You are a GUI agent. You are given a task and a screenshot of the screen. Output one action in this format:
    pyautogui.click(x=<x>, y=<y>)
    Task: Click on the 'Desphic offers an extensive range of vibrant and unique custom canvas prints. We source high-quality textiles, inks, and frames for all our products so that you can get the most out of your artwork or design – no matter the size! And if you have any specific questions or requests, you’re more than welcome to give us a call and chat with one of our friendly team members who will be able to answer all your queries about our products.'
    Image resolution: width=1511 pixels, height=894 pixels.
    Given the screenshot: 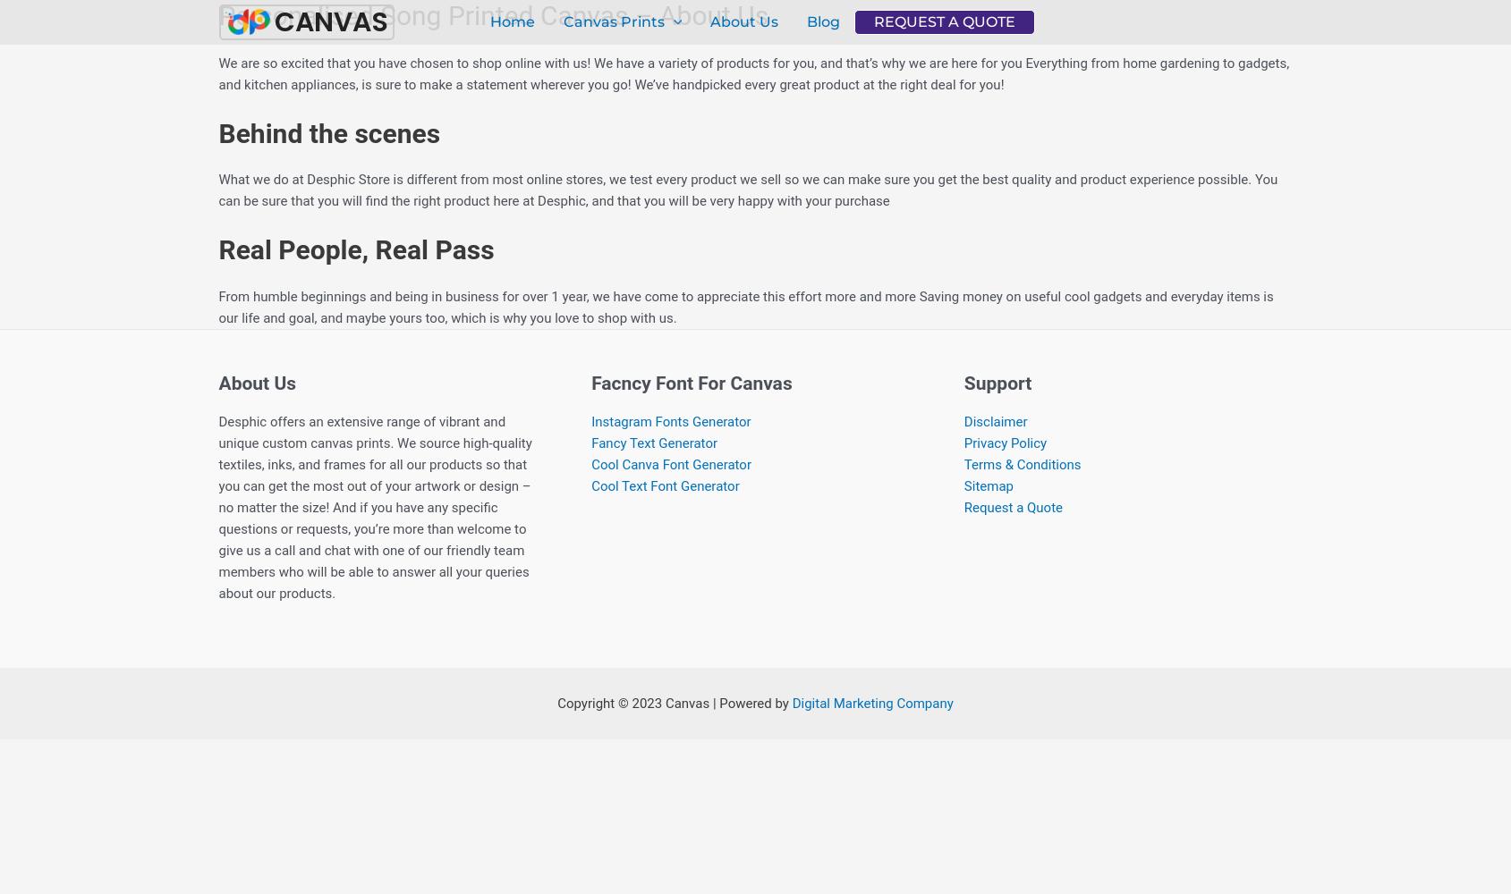 What is the action you would take?
    pyautogui.click(x=217, y=506)
    